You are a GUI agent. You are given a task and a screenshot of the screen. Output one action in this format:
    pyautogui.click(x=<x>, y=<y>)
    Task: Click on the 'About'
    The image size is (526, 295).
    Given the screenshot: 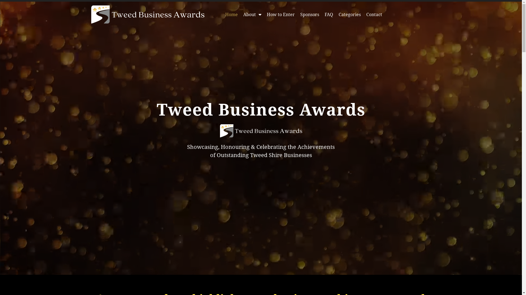 What is the action you would take?
    pyautogui.click(x=243, y=14)
    